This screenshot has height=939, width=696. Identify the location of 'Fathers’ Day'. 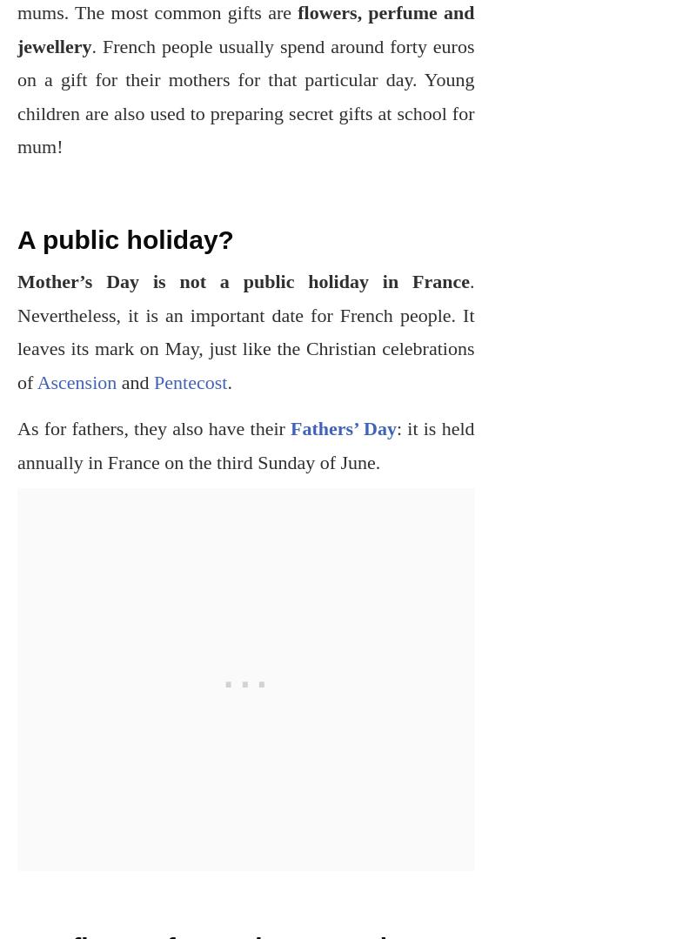
(342, 427).